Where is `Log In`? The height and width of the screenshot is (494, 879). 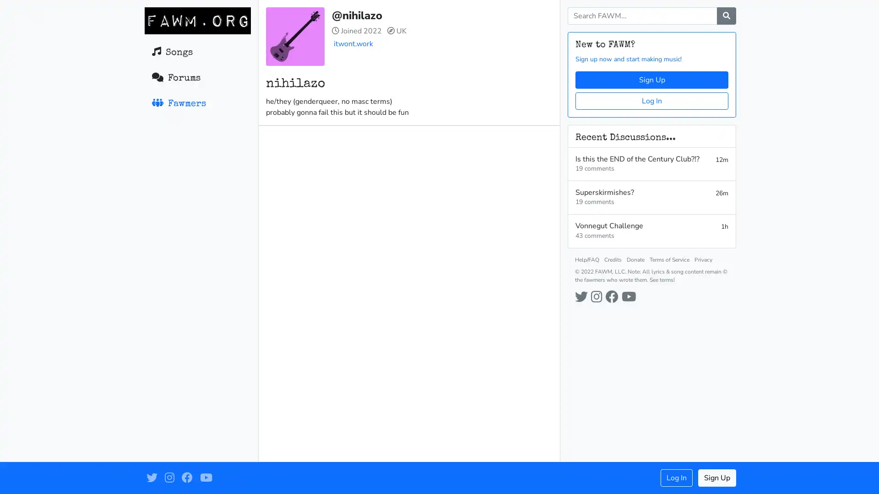
Log In is located at coordinates (677, 478).